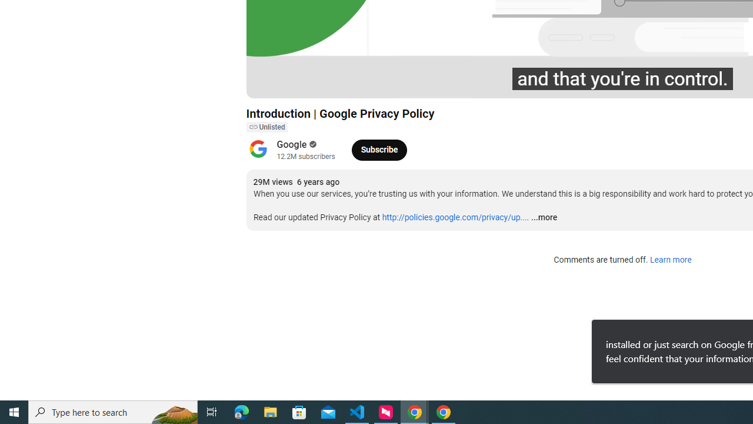 This screenshot has width=753, height=424. I want to click on 'Learn more', so click(670, 260).